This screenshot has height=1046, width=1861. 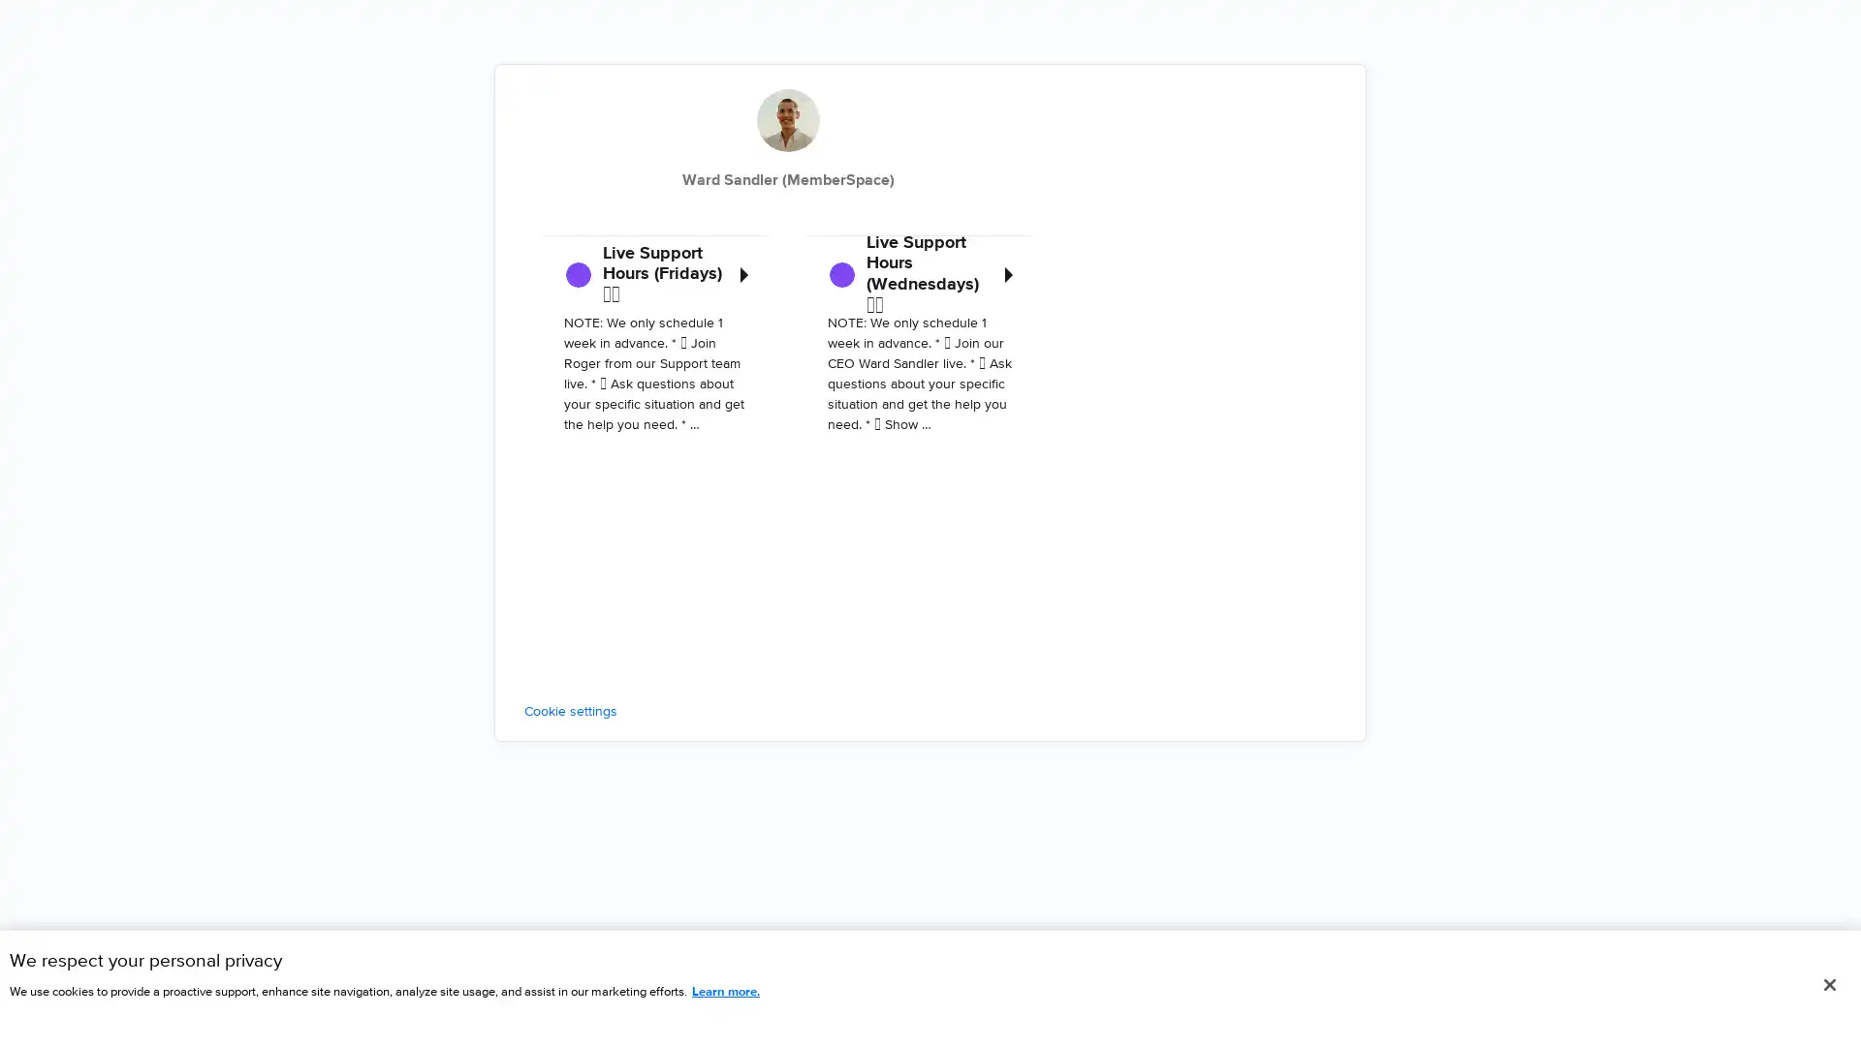 What do you see at coordinates (1828, 985) in the screenshot?
I see `Close` at bounding box center [1828, 985].